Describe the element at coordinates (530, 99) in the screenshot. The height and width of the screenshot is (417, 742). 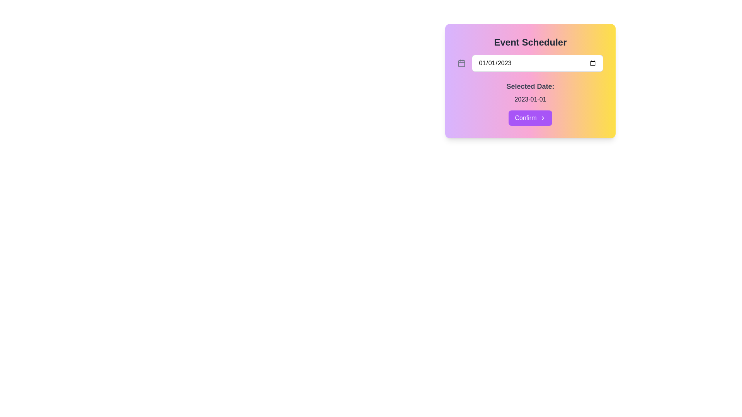
I see `the text label displaying the date '2023-01-01' located within the 'Event Scheduler' box, positioned below the 'Selected Date:' label` at that location.